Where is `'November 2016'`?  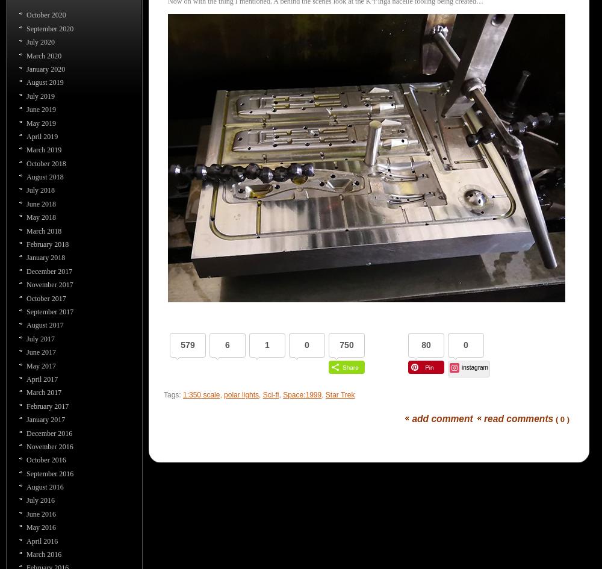 'November 2016' is located at coordinates (49, 446).